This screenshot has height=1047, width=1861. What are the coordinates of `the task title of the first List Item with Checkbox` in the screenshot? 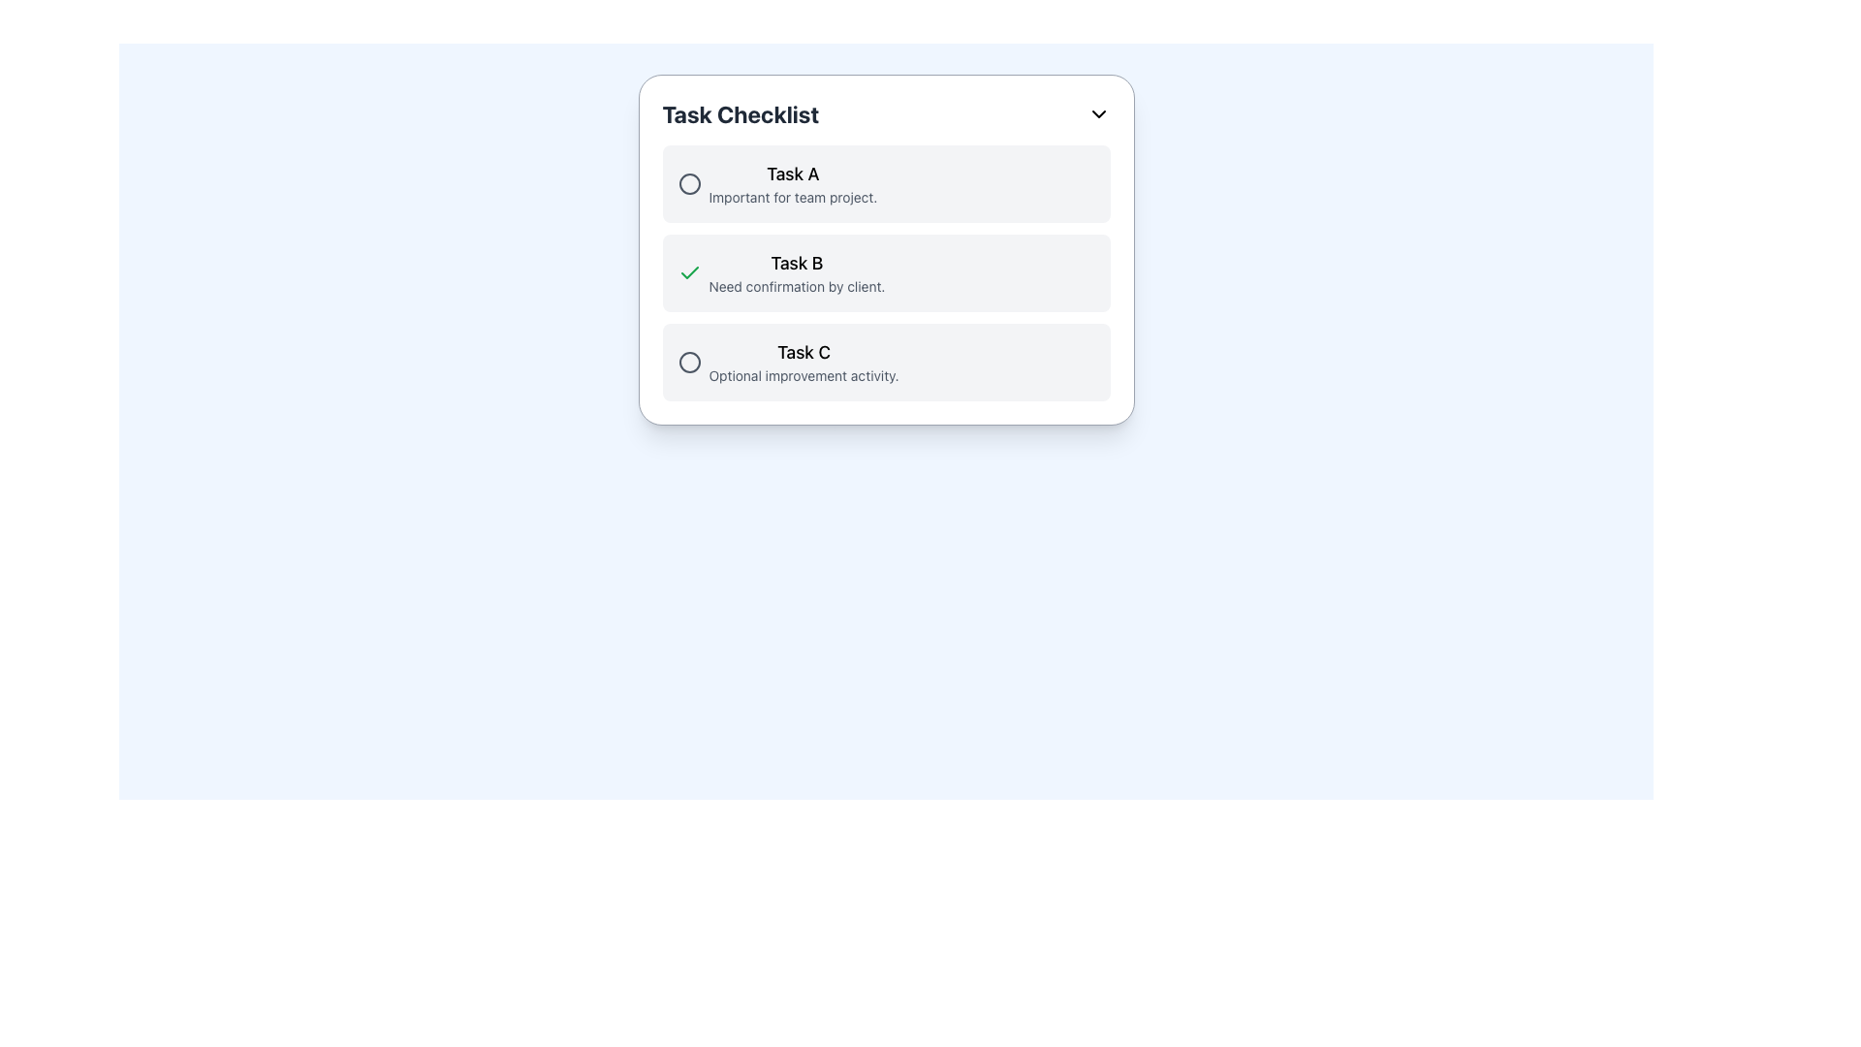 It's located at (885, 183).